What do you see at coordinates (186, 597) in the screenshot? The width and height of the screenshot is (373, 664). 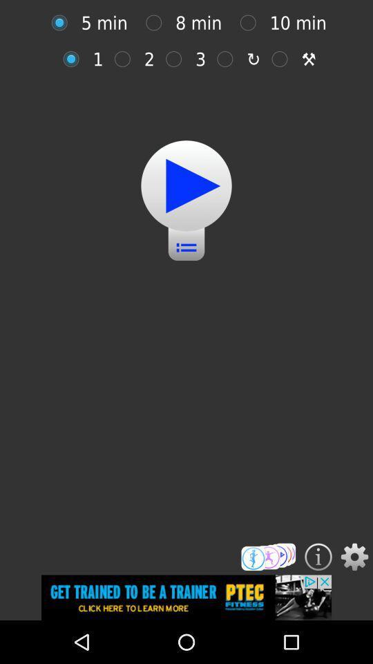 I see `advertisement link` at bounding box center [186, 597].